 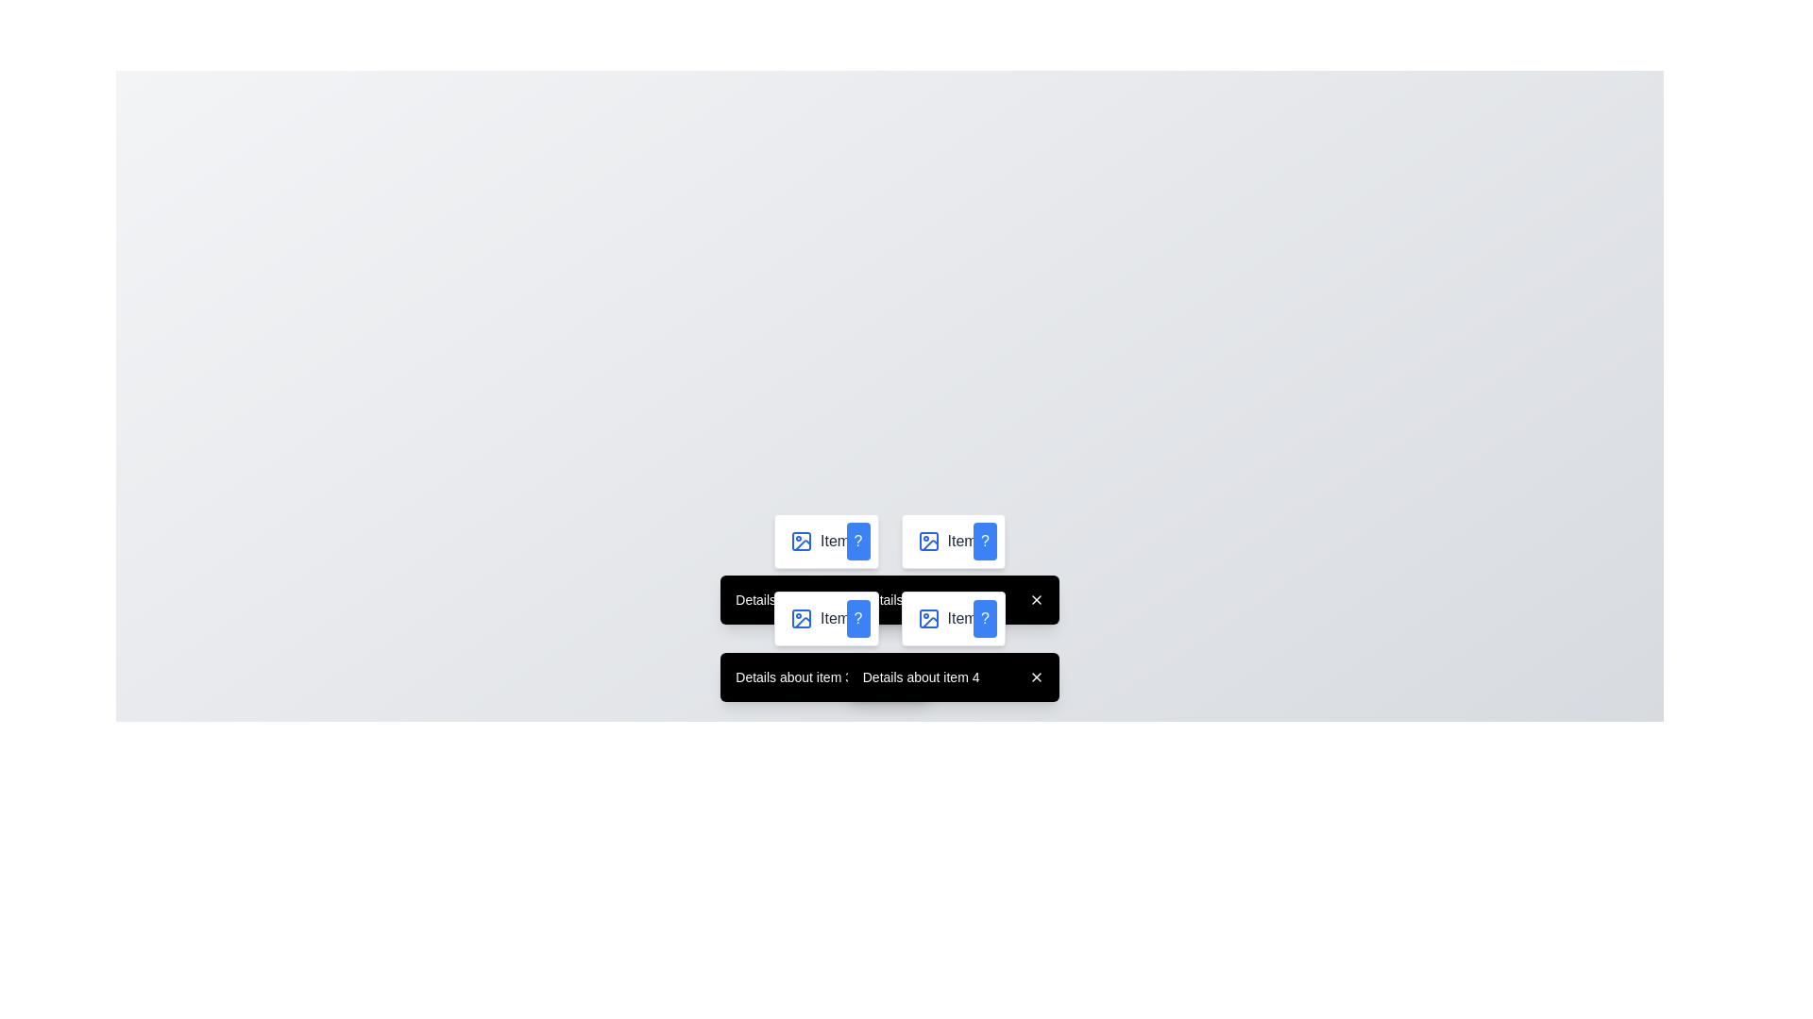 I want to click on the text element displaying 'Item 3', which is styled in gray and positioned to the right of a small blue image icon, so click(x=840, y=618).